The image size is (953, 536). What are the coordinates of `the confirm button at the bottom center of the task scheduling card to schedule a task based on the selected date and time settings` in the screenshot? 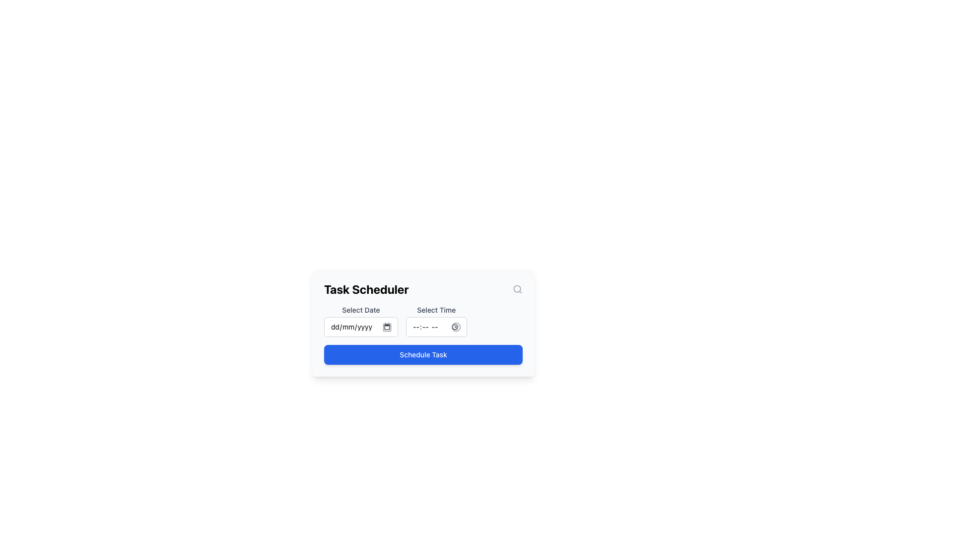 It's located at (423, 361).